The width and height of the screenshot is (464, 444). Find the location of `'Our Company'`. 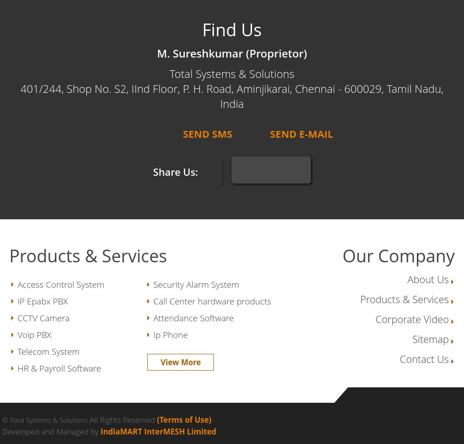

'Our Company' is located at coordinates (398, 255).